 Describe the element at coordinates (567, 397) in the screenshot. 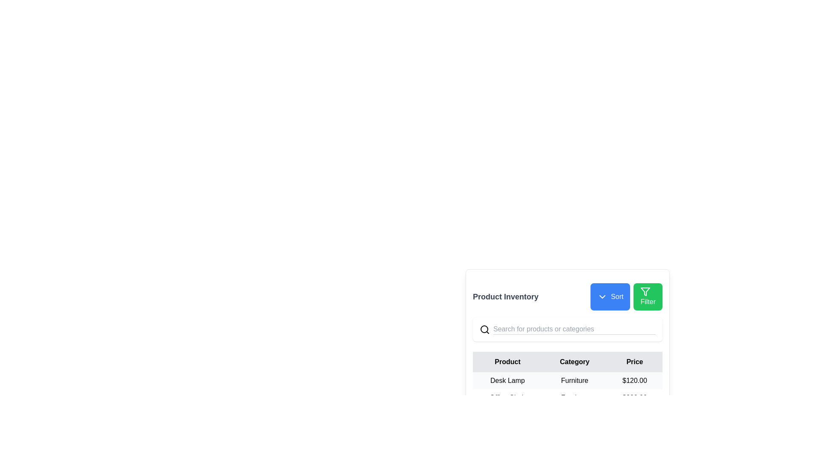

I see `the first data row of the table that contains product information, specifically its name, category, and price` at that location.